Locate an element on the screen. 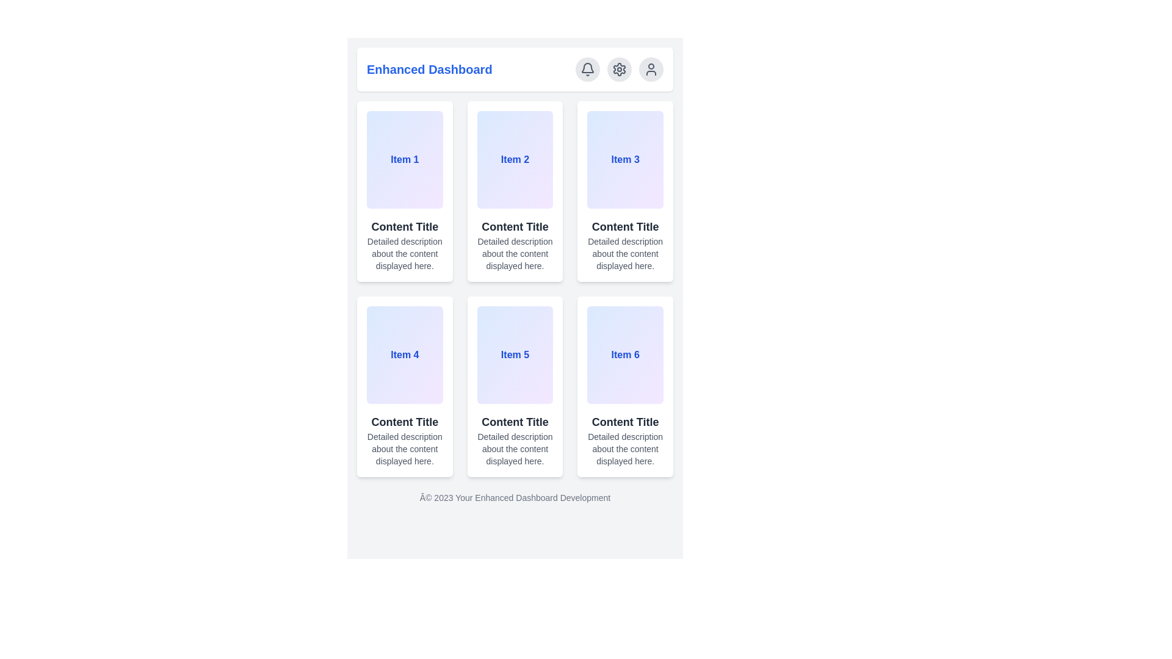 Image resolution: width=1172 pixels, height=659 pixels. the third circular button with a user silhouette icon in the top-right corner of the interface is located at coordinates (650, 70).